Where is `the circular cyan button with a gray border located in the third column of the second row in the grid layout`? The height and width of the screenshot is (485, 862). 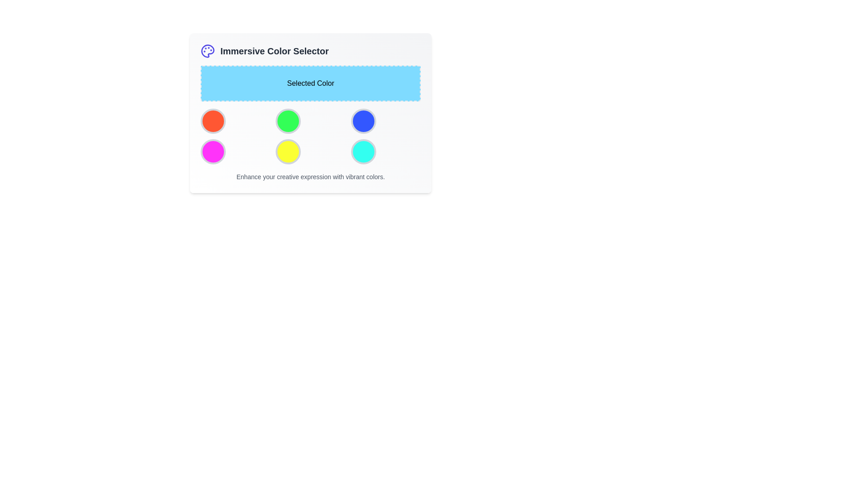
the circular cyan button with a gray border located in the third column of the second row in the grid layout is located at coordinates (363, 151).